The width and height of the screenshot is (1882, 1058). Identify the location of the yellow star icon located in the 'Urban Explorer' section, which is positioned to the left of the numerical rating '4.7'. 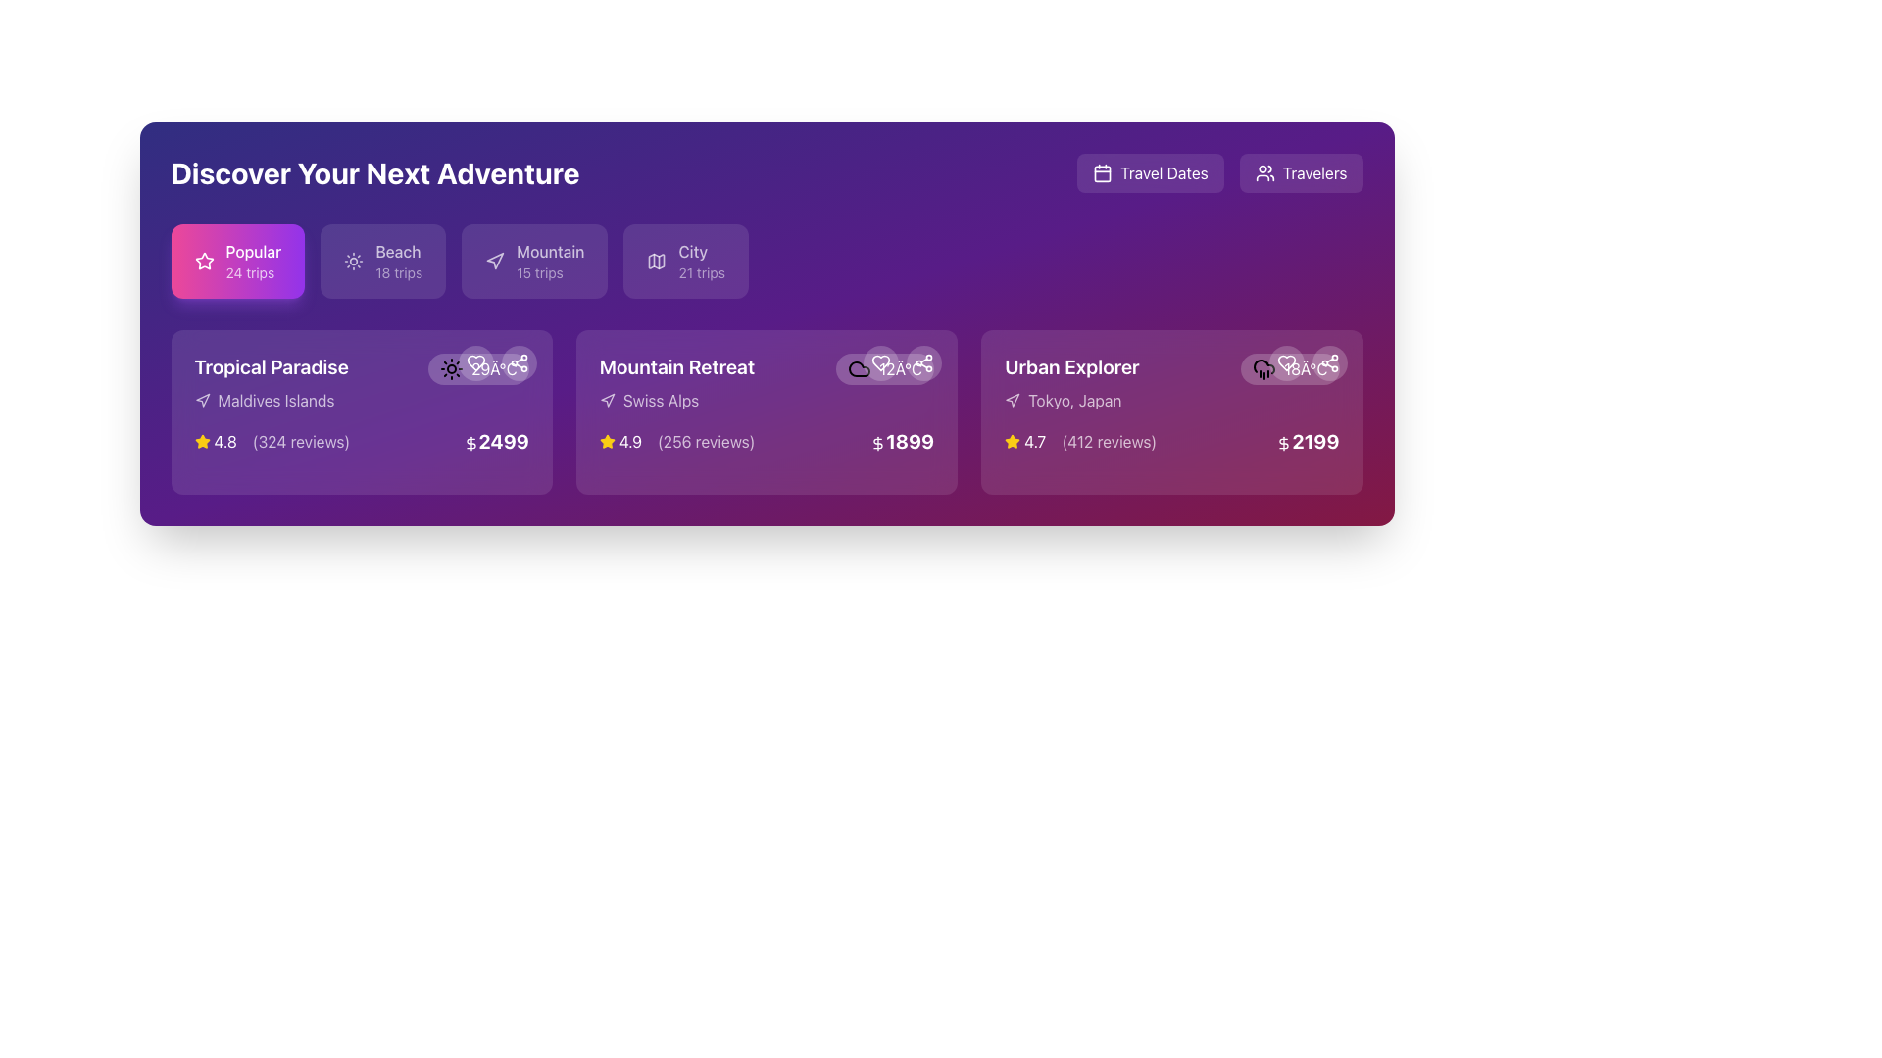
(1013, 442).